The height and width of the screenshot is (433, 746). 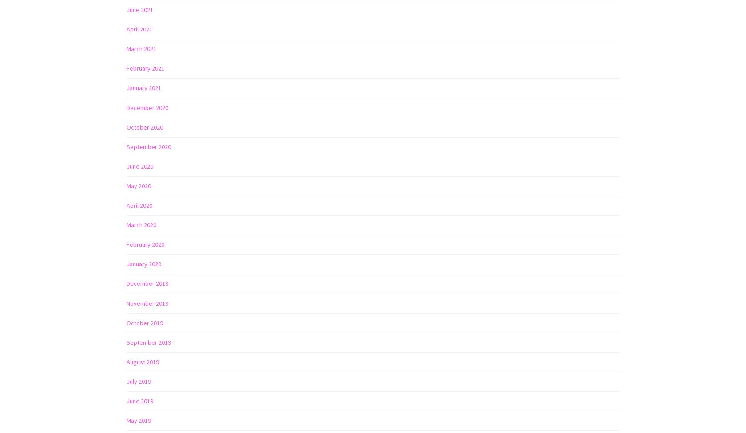 What do you see at coordinates (140, 9) in the screenshot?
I see `'June 2021'` at bounding box center [140, 9].